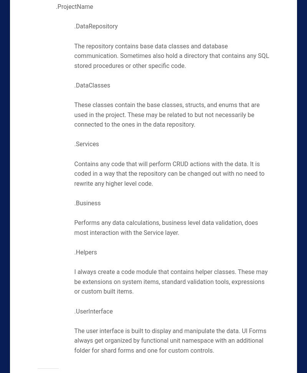 This screenshot has width=307, height=373. Describe the element at coordinates (73, 340) in the screenshot. I see `'UI Forms always get organized by functional unit namespace with an additional folder for shard forms and one for custom controls.'` at that location.